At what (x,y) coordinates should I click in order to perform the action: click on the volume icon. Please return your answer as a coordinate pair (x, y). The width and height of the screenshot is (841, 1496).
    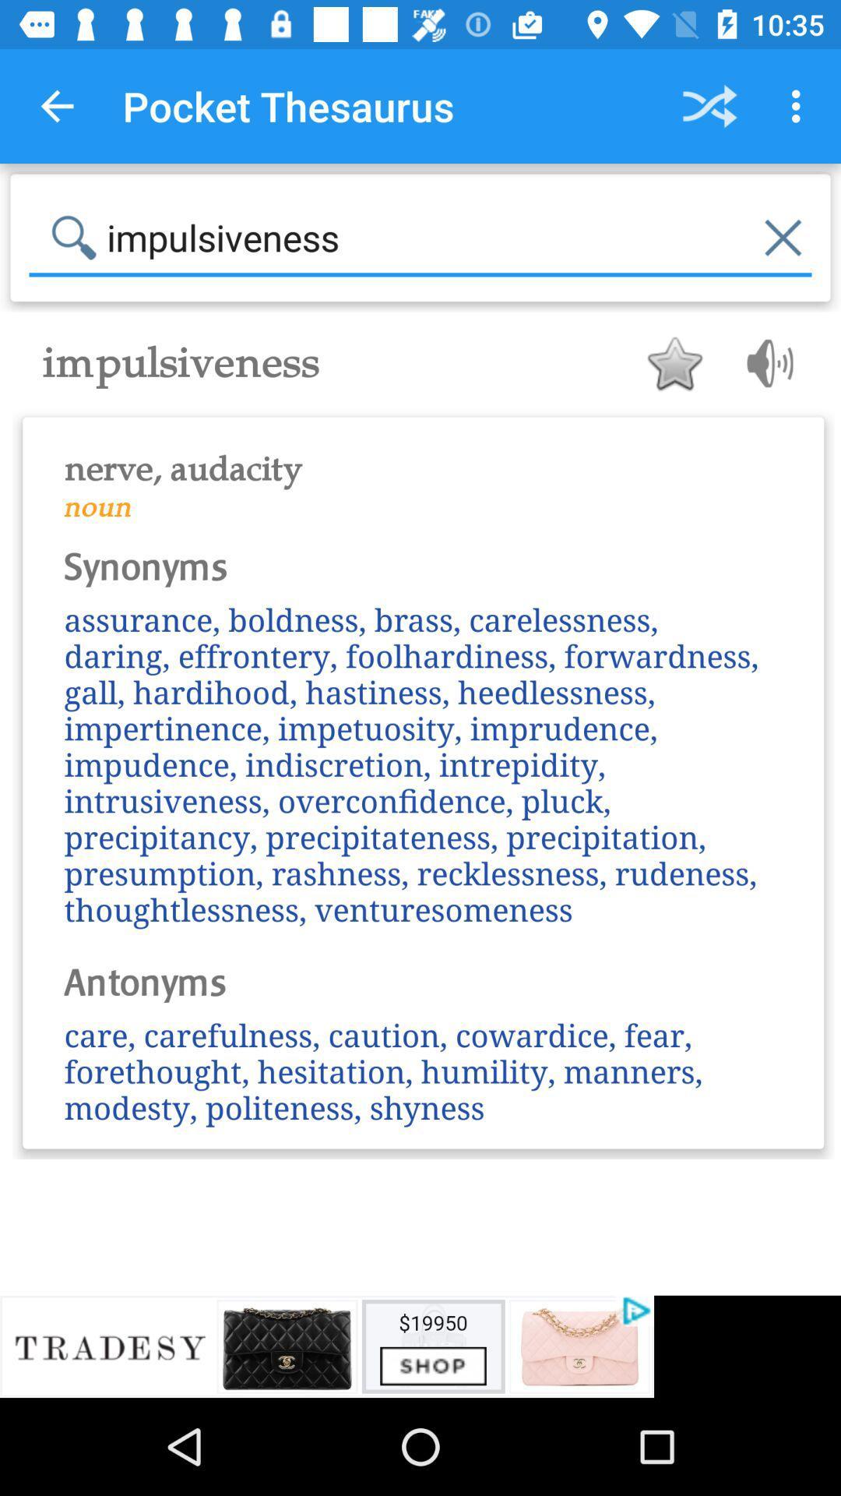
    Looking at the image, I should click on (764, 362).